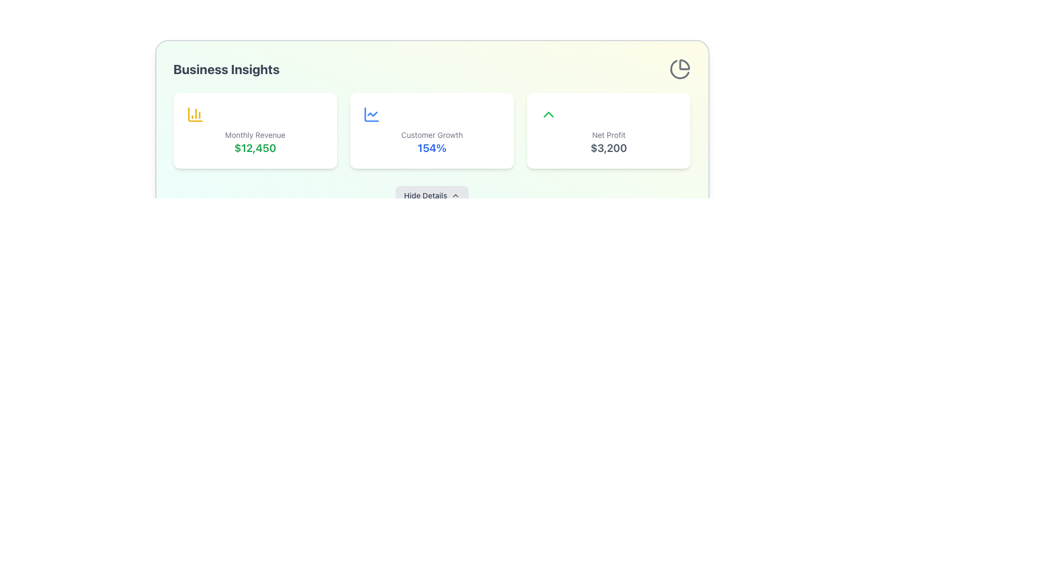 This screenshot has height=584, width=1039. Describe the element at coordinates (431, 130) in the screenshot. I see `the second card in the grid layout that displays 'Customer Growth' to interact with it if interactive options exist` at that location.